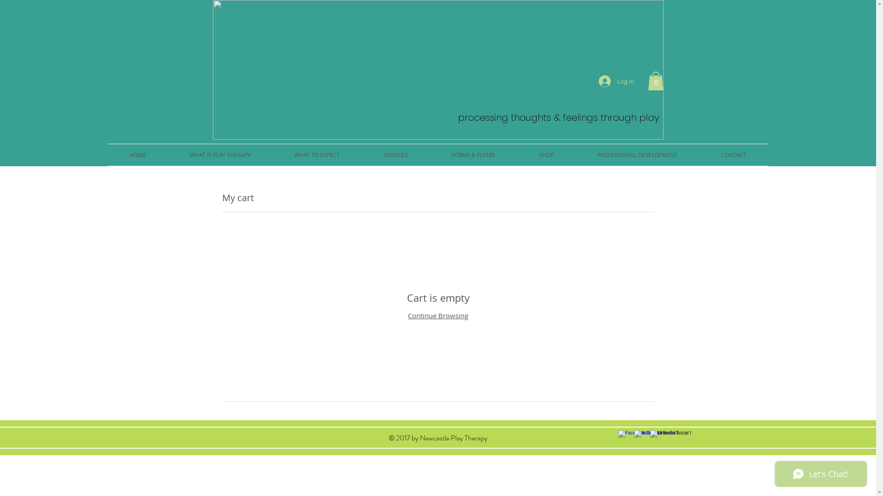 The height and width of the screenshot is (496, 883). What do you see at coordinates (137, 154) in the screenshot?
I see `'HOME'` at bounding box center [137, 154].